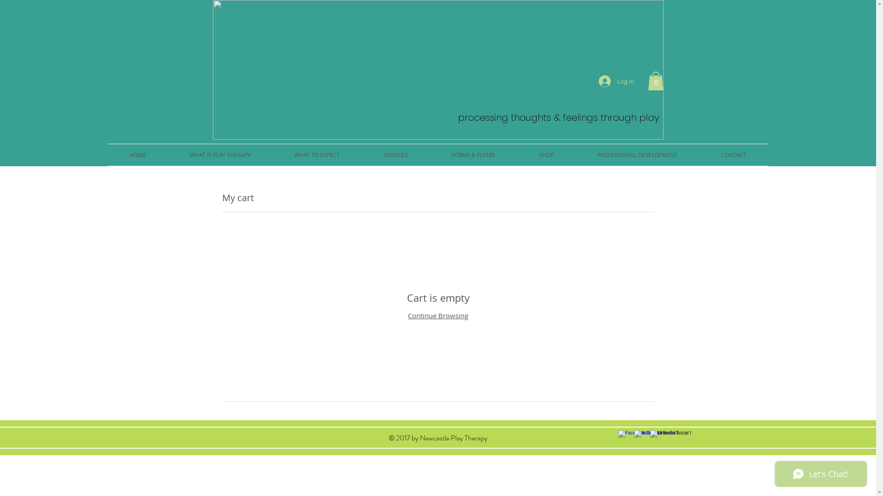 The height and width of the screenshot is (496, 883). What do you see at coordinates (137, 154) in the screenshot?
I see `'HOME'` at bounding box center [137, 154].